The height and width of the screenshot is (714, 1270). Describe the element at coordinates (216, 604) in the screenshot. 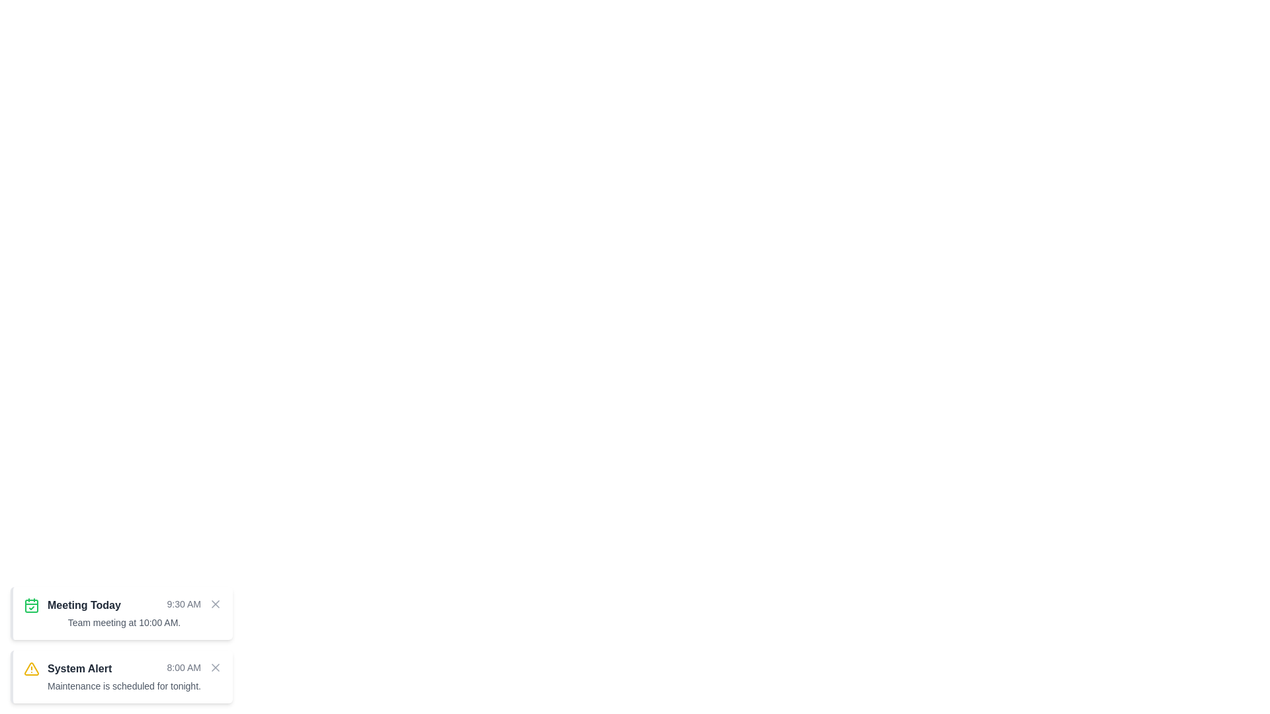

I see `the close button located at the top-right corner of the 'Meeting Today' notification card` at that location.